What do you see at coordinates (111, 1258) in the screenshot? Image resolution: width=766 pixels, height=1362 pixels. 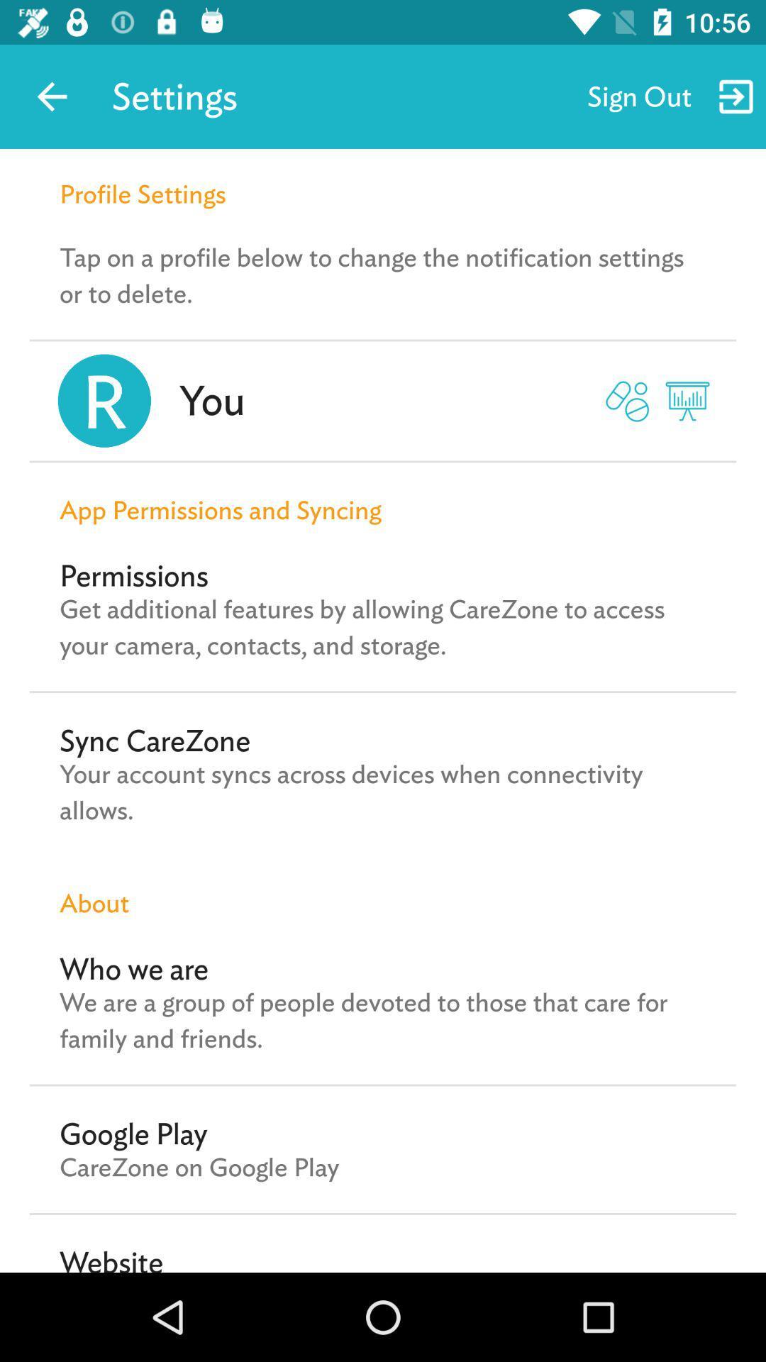 I see `website item` at bounding box center [111, 1258].